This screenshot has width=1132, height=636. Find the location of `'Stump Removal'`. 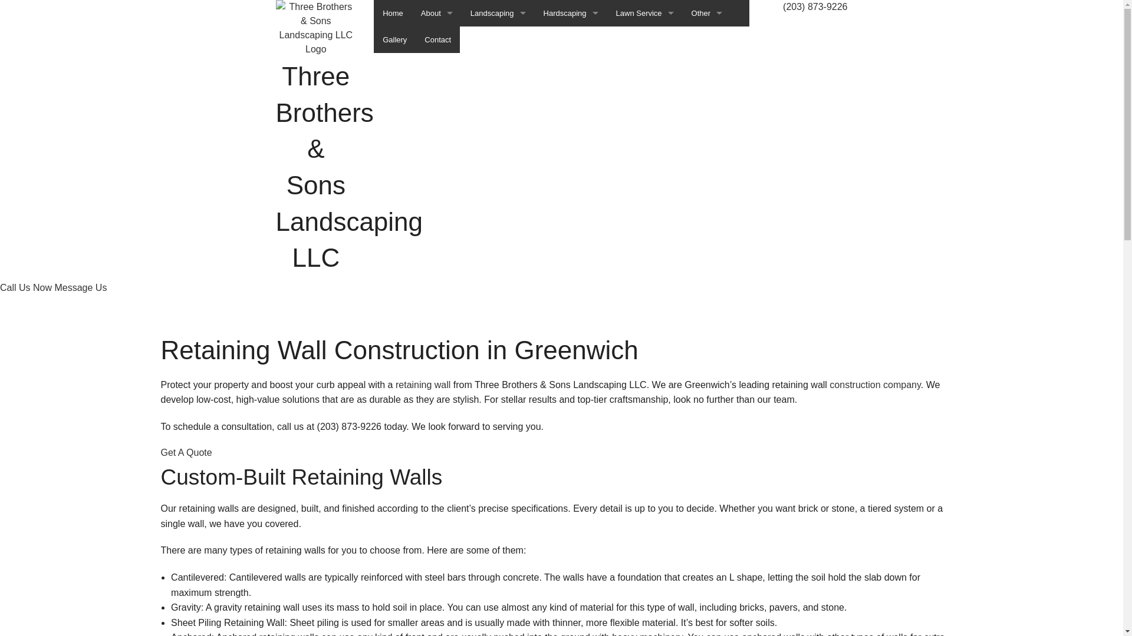

'Stump Removal' is located at coordinates (707, 225).